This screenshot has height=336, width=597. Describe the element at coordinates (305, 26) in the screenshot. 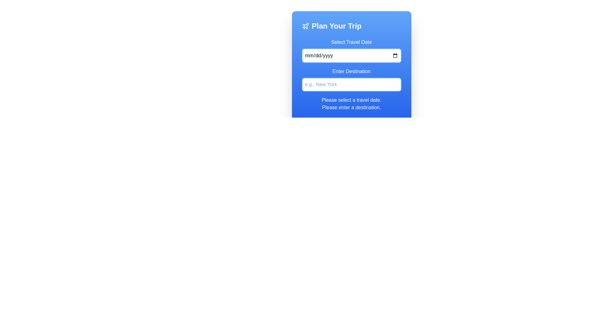

I see `the plane-shaped icon located in the header section, directly to the left of the text 'Plan Your Trip'` at that location.